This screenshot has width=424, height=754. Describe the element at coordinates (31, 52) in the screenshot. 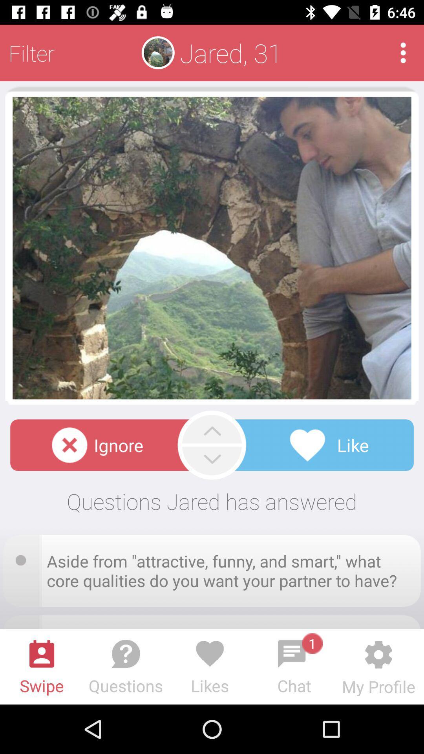

I see `filter item` at that location.